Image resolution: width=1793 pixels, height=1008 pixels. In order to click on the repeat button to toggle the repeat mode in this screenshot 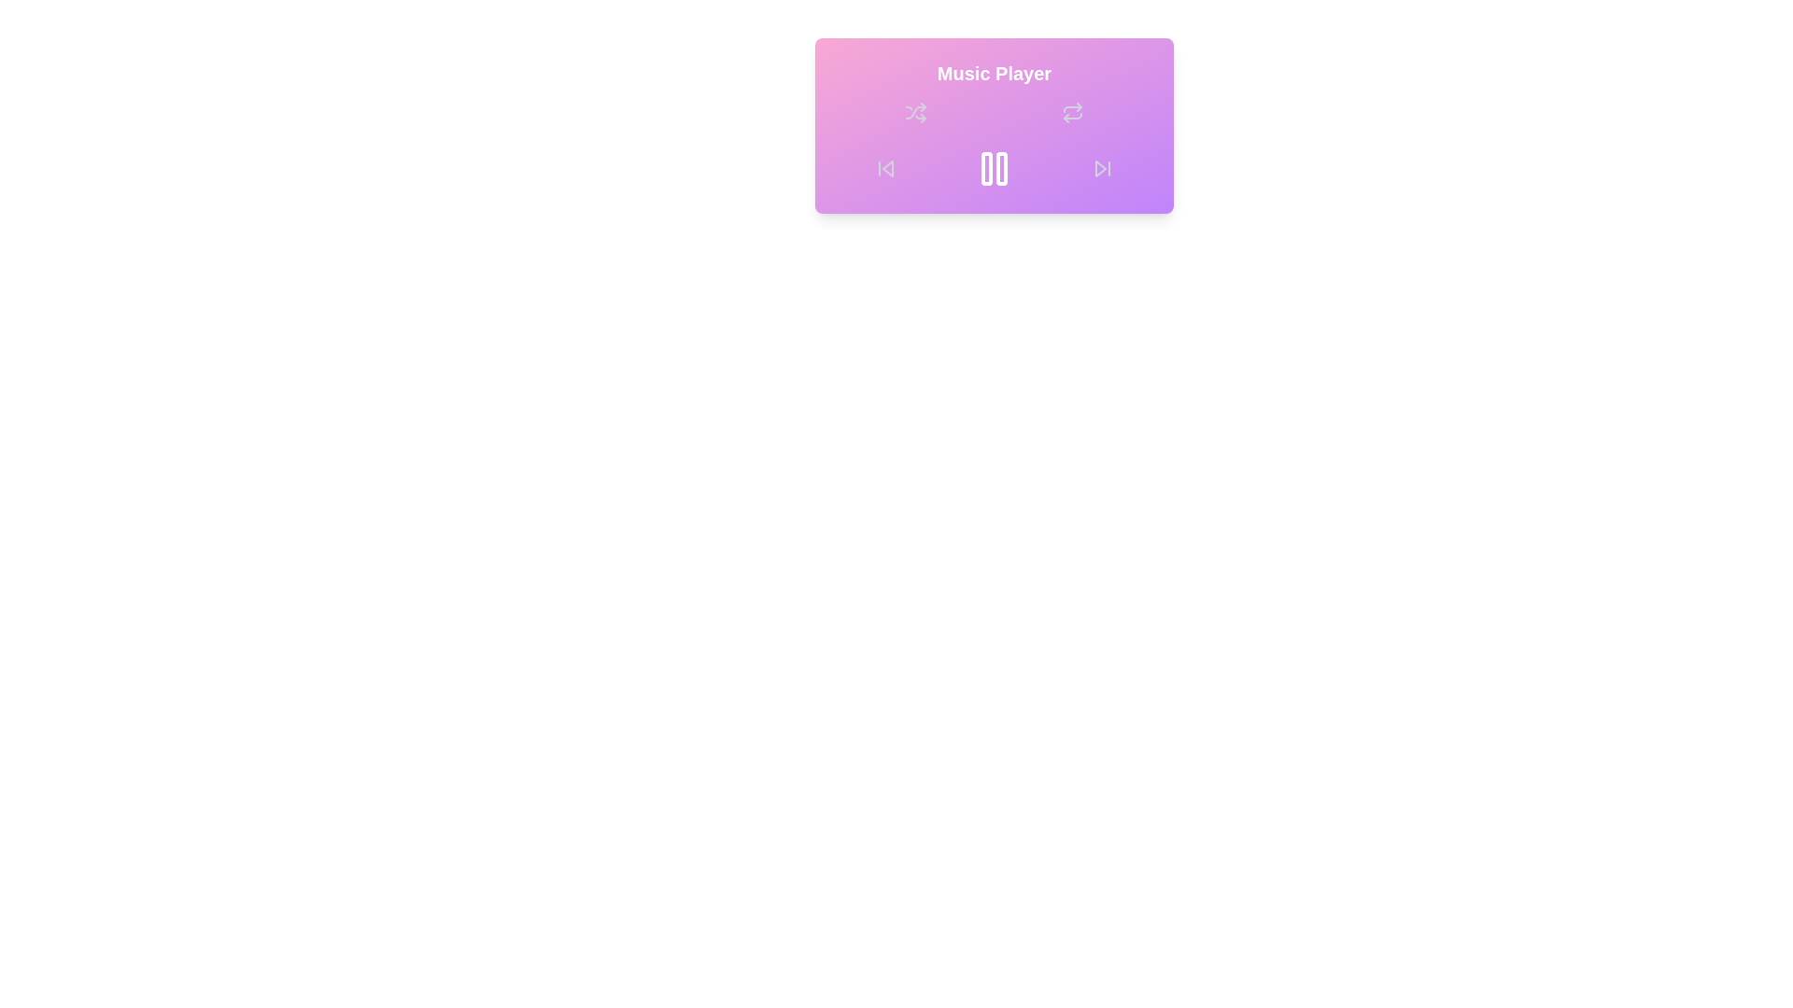, I will do `click(1072, 112)`.